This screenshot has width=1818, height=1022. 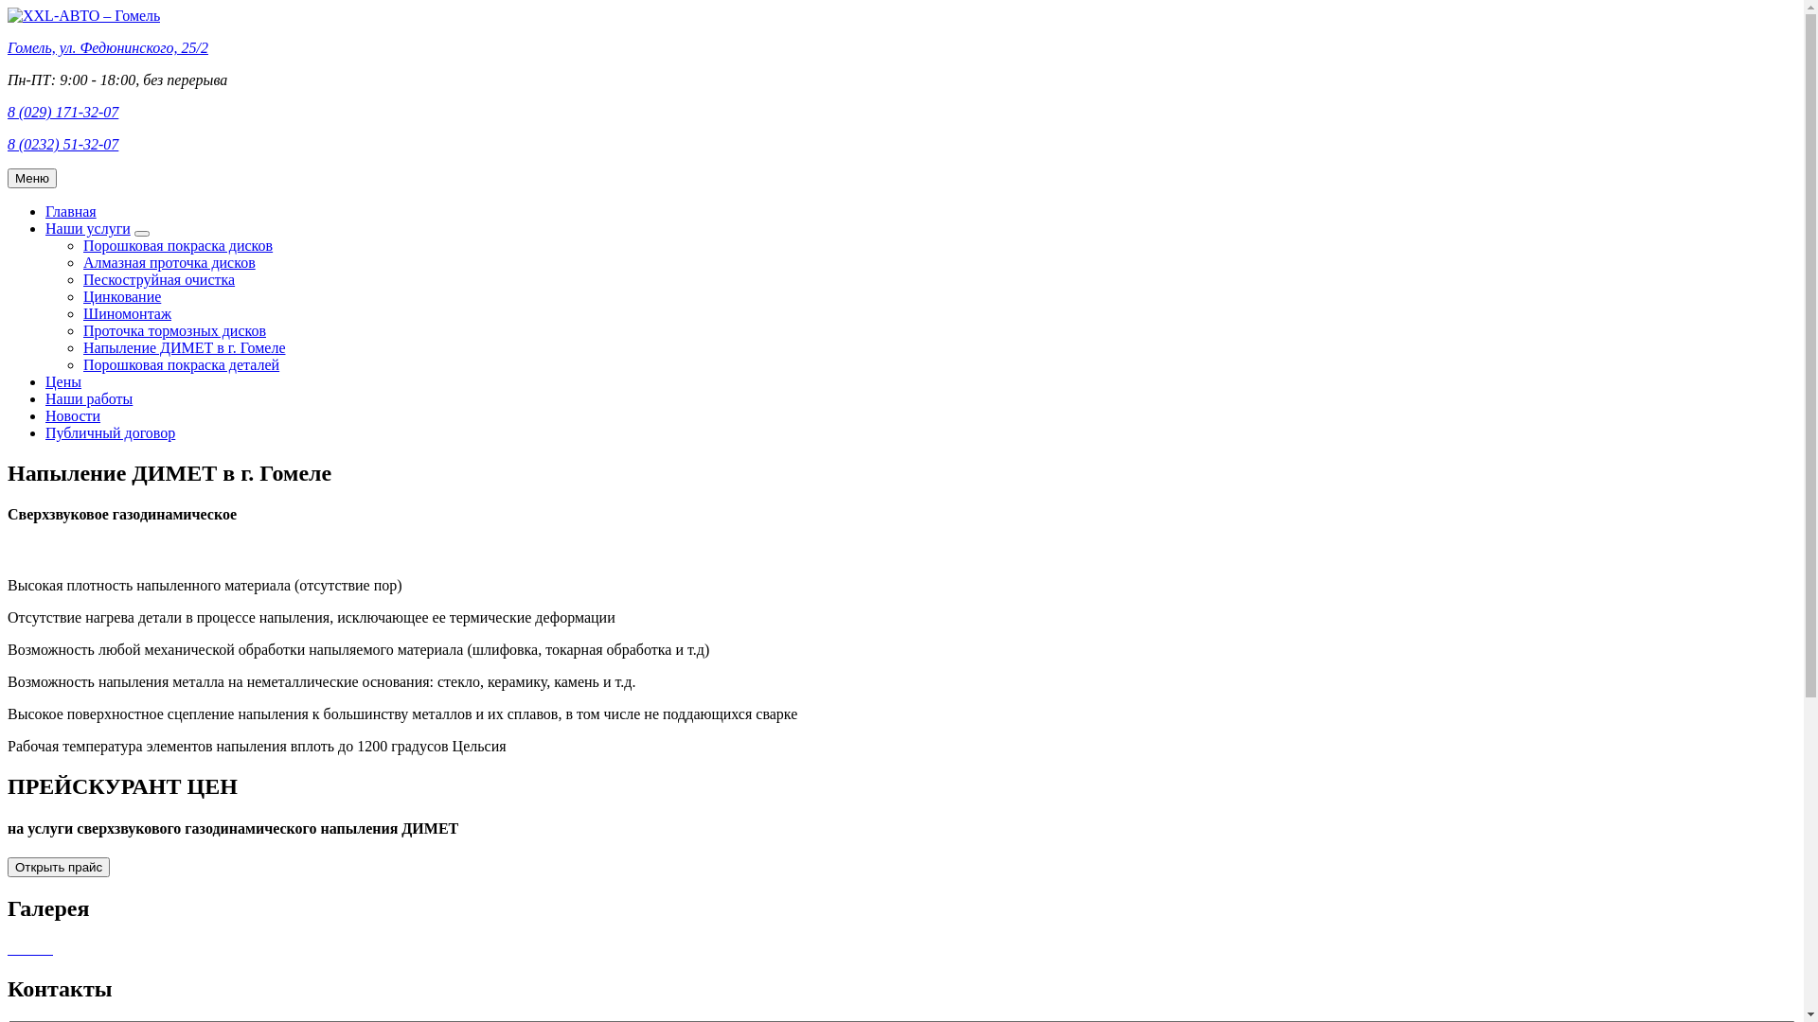 What do you see at coordinates (62, 112) in the screenshot?
I see `'8 (029) 171-32-07'` at bounding box center [62, 112].